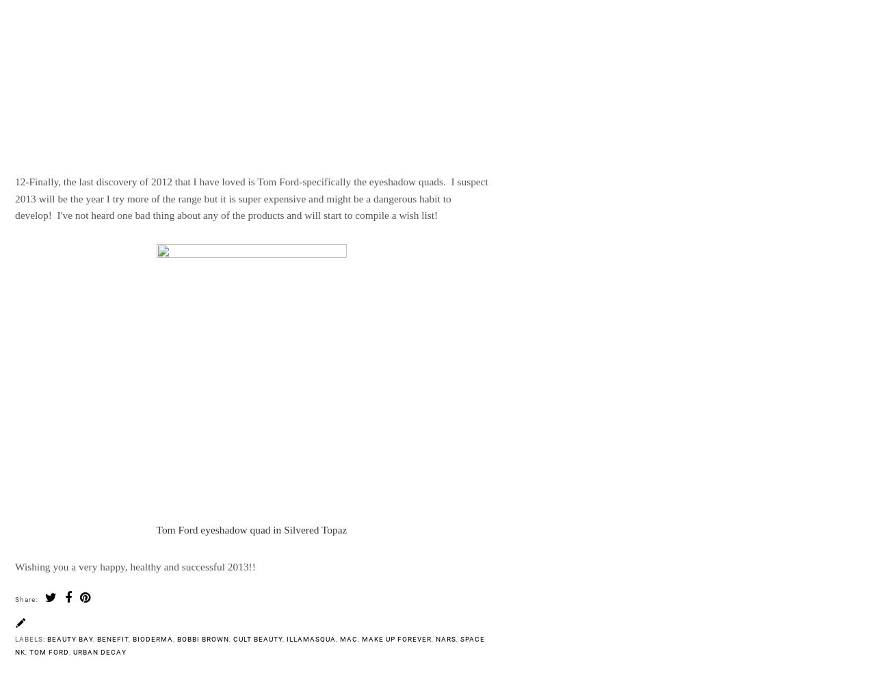 The image size is (881, 684). What do you see at coordinates (436, 638) in the screenshot?
I see `'nars'` at bounding box center [436, 638].